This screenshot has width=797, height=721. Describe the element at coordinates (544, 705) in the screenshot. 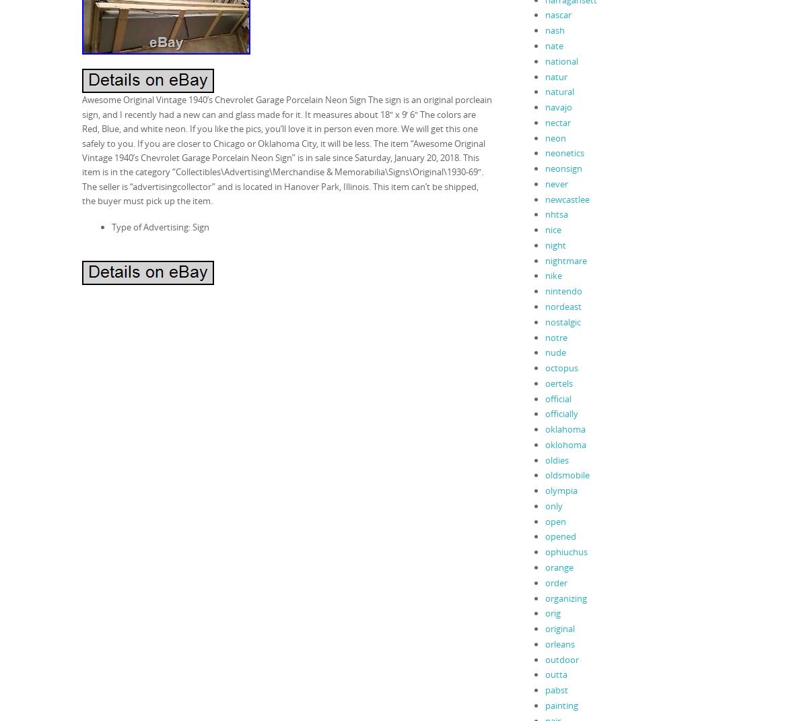

I see `'painting'` at that location.